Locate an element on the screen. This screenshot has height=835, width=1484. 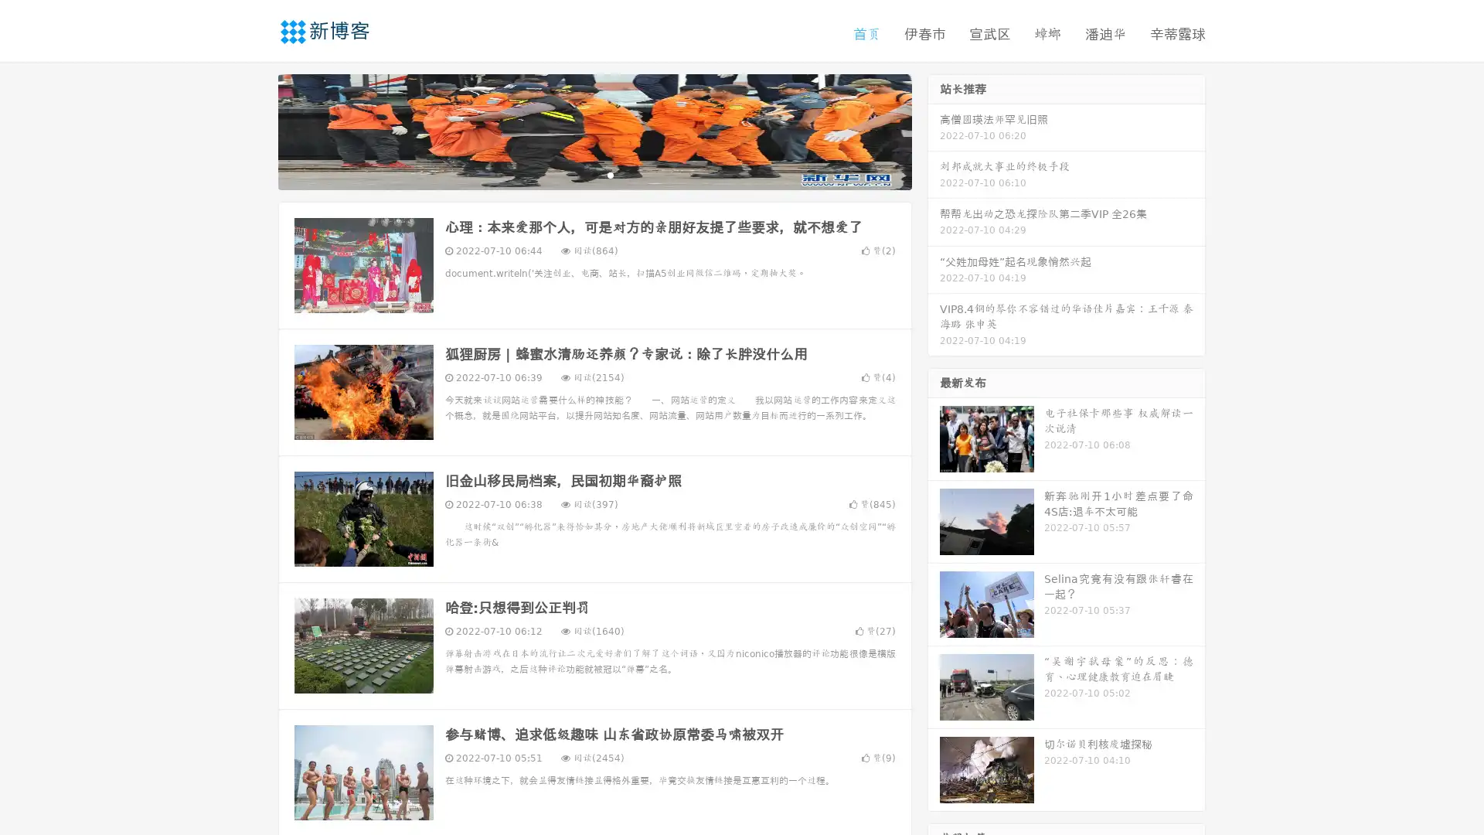
Go to slide 2 is located at coordinates (594, 174).